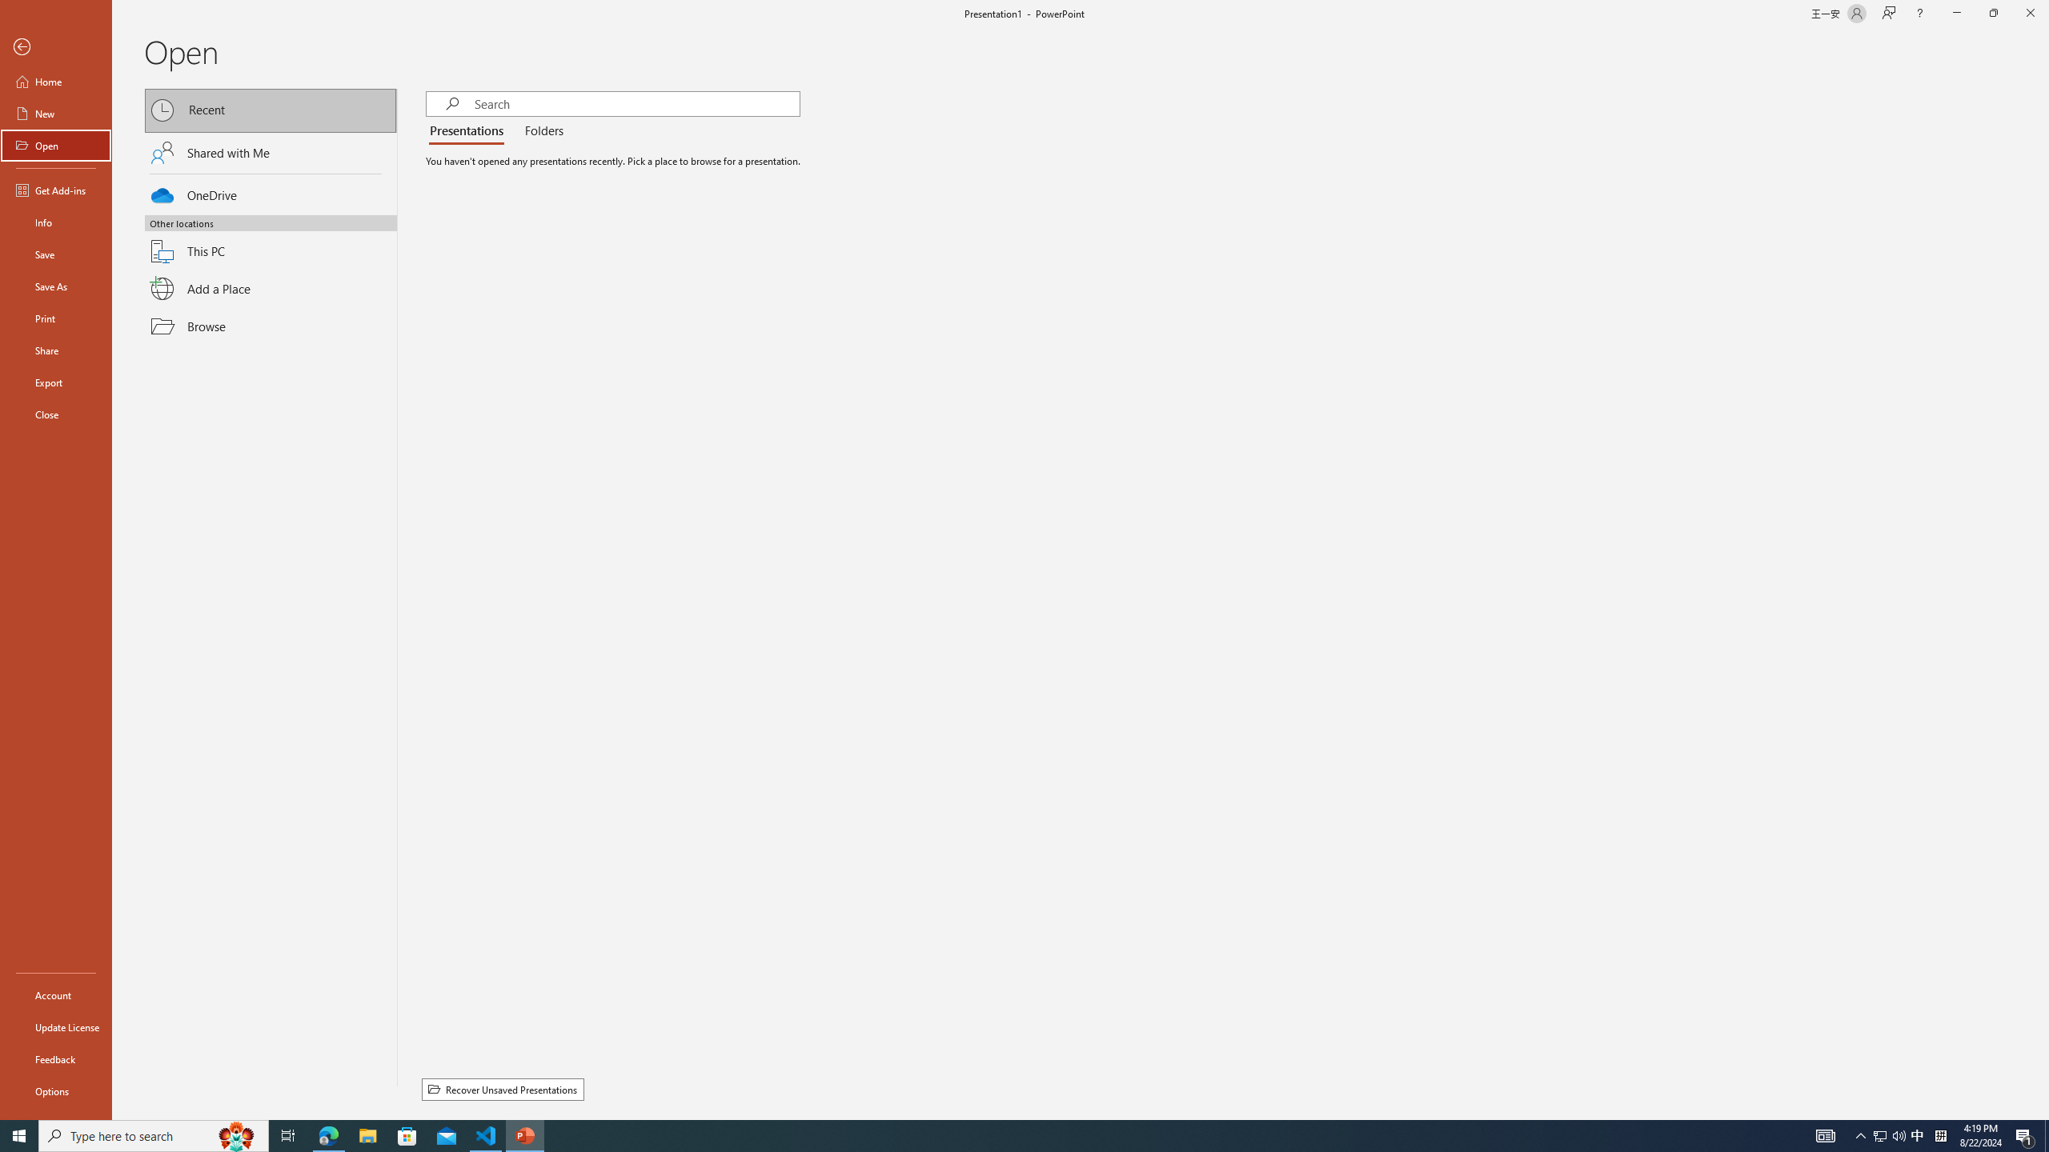 The image size is (2049, 1152). Describe the element at coordinates (271, 110) in the screenshot. I see `'Recent'` at that location.